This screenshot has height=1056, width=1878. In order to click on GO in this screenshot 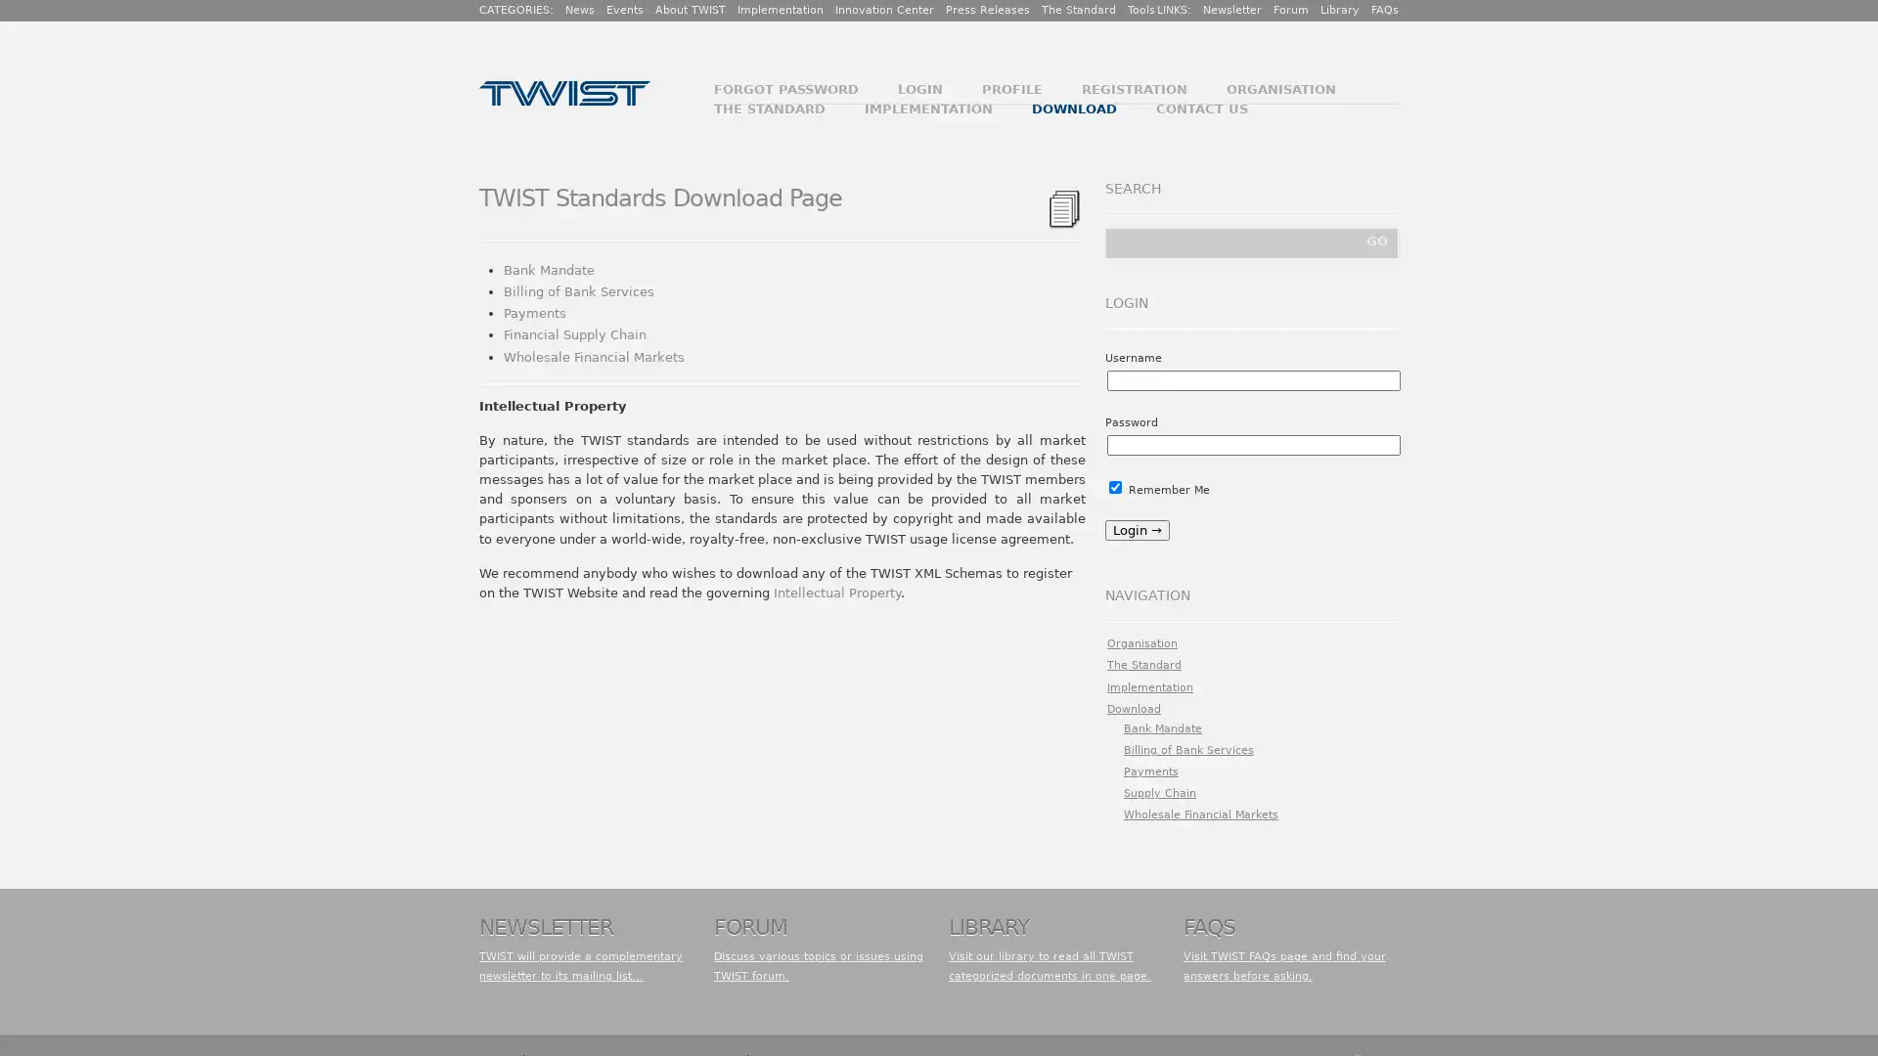, I will do `click(1375, 240)`.